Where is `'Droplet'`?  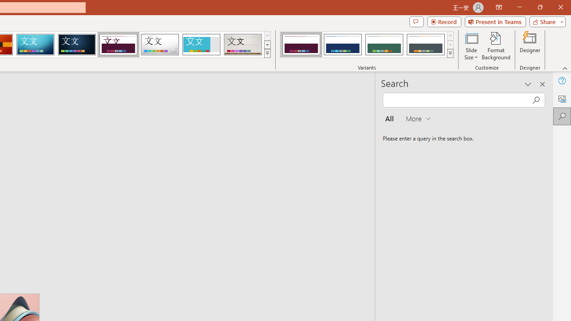
'Droplet' is located at coordinates (160, 45).